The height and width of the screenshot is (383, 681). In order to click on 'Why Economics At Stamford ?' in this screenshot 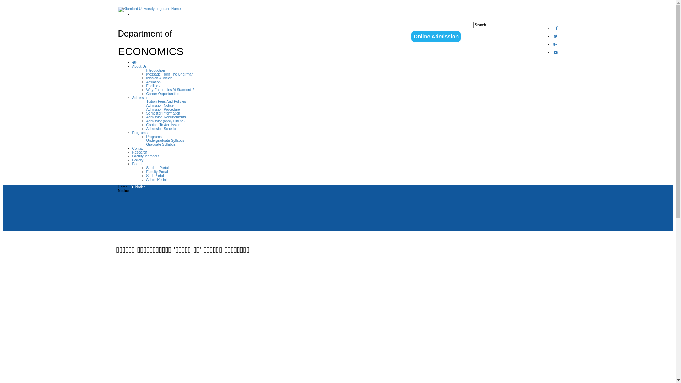, I will do `click(170, 89)`.